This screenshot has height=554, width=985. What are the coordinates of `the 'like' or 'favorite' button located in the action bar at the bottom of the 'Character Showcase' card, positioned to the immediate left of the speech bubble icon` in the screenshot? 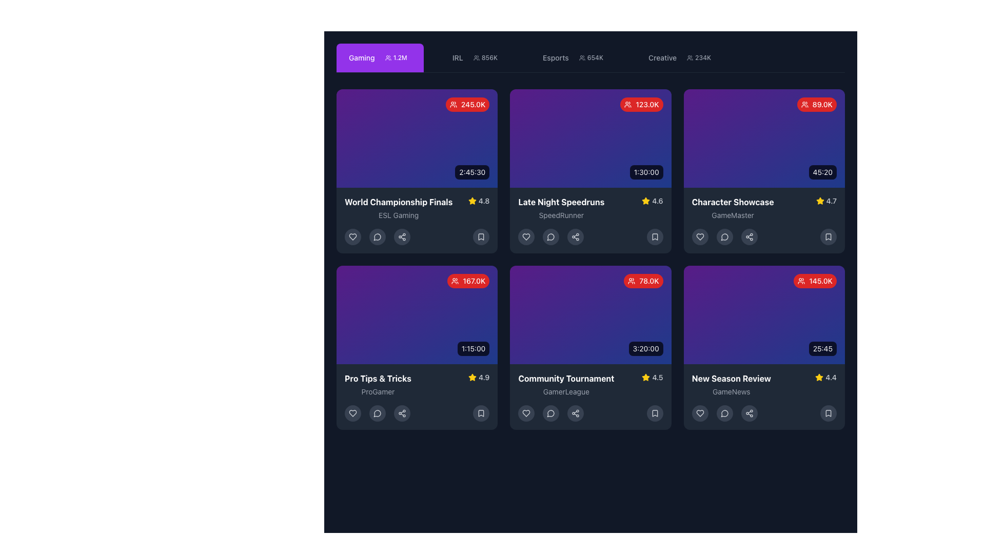 It's located at (699, 237).